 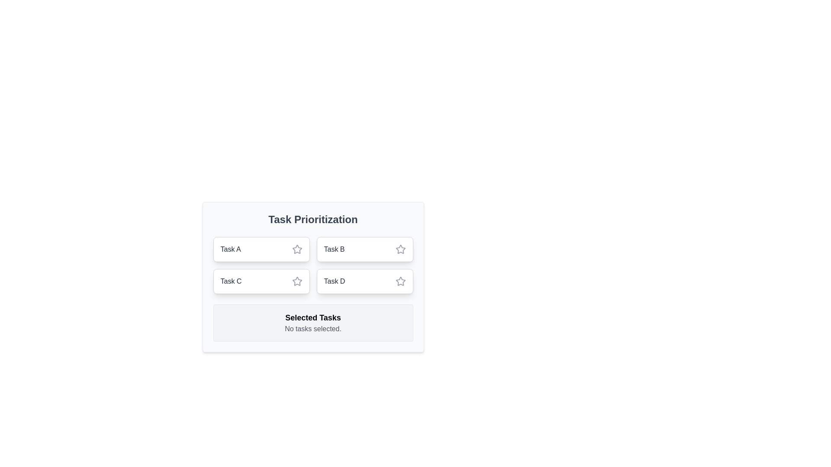 I want to click on the icon of the task chip for the task Task B, so click(x=400, y=249).